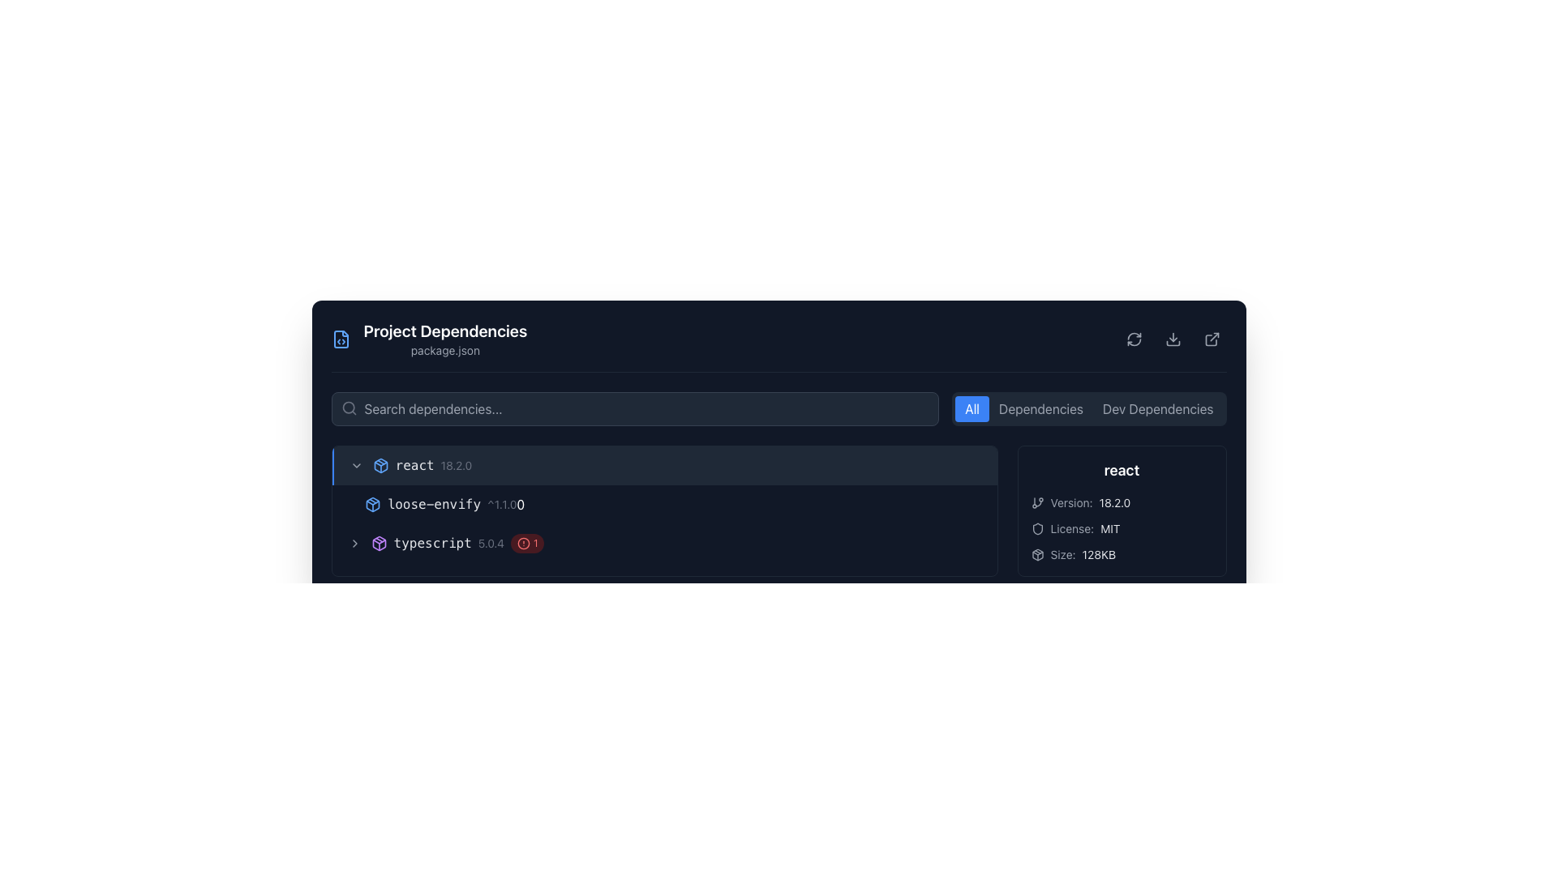  What do you see at coordinates (1121, 511) in the screenshot?
I see `the informational card or panel that provides details about the 'react' dependency in the project to associate the details with it` at bounding box center [1121, 511].